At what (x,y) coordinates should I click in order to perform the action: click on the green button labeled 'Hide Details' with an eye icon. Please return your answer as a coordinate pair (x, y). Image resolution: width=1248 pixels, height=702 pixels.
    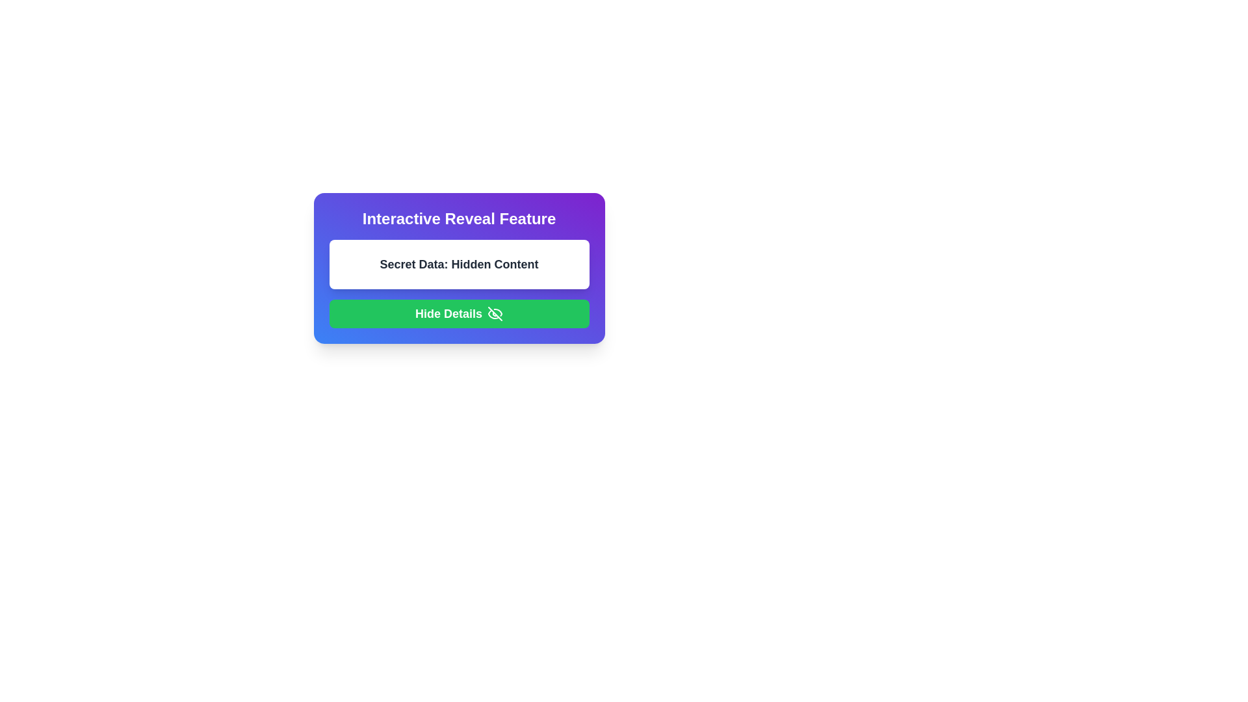
    Looking at the image, I should click on (459, 313).